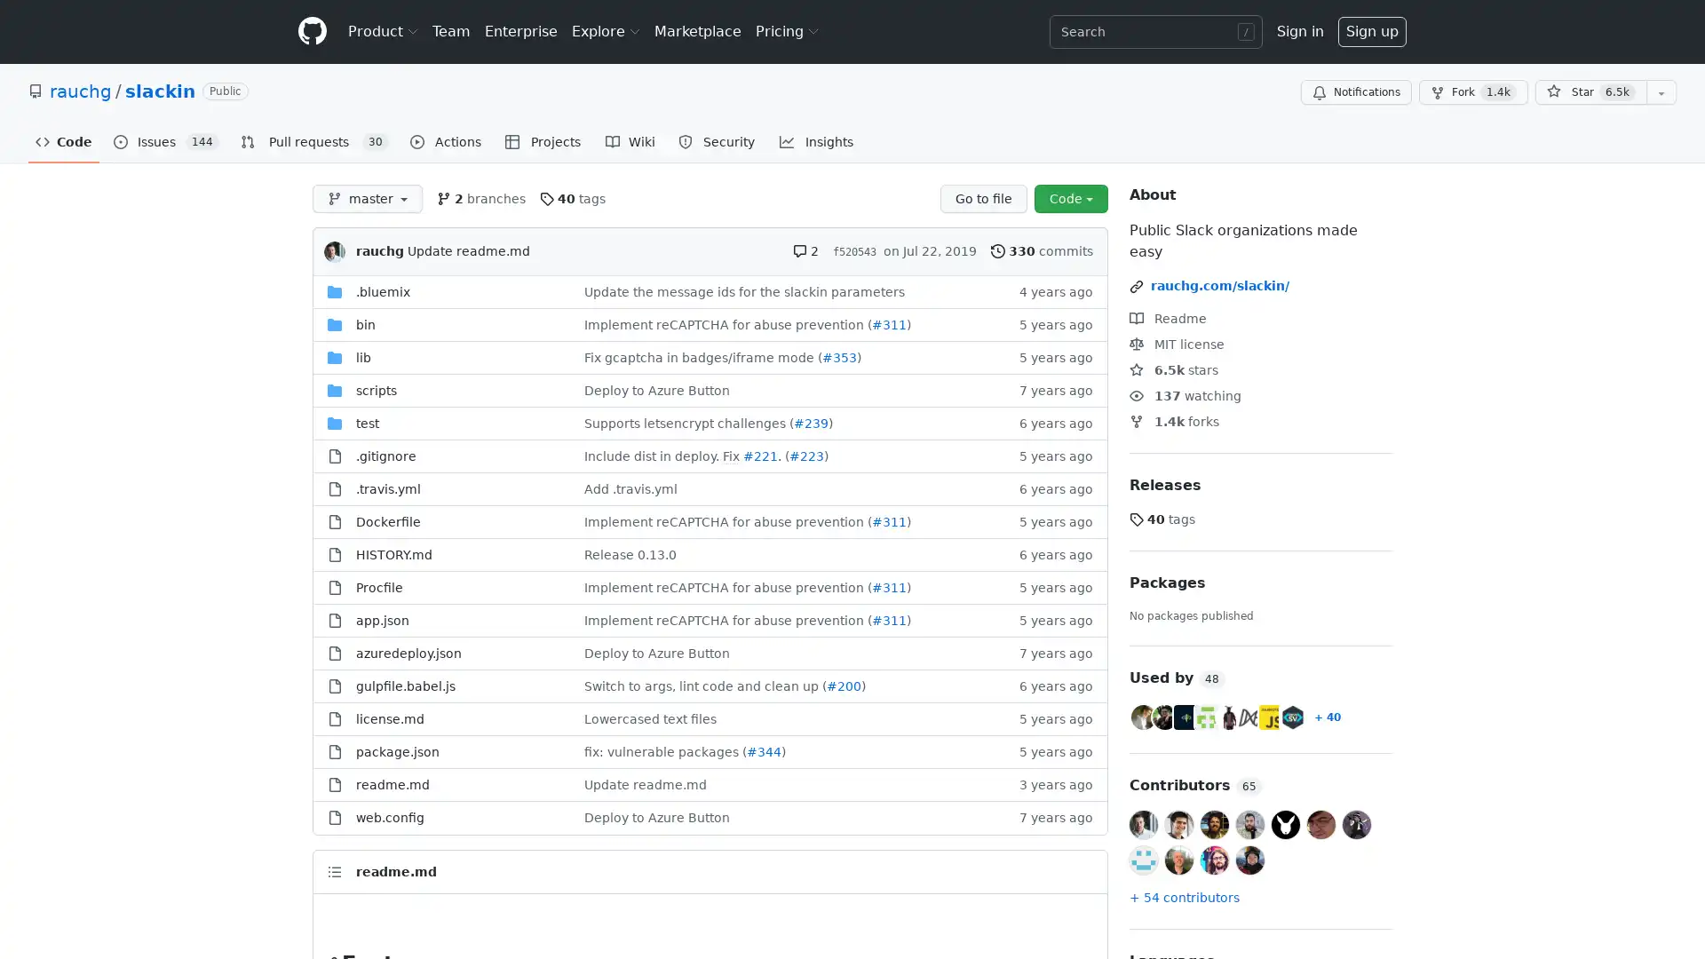 The image size is (1705, 959). Describe the element at coordinates (1661, 92) in the screenshot. I see `You must be signed in to add this repository to a list` at that location.